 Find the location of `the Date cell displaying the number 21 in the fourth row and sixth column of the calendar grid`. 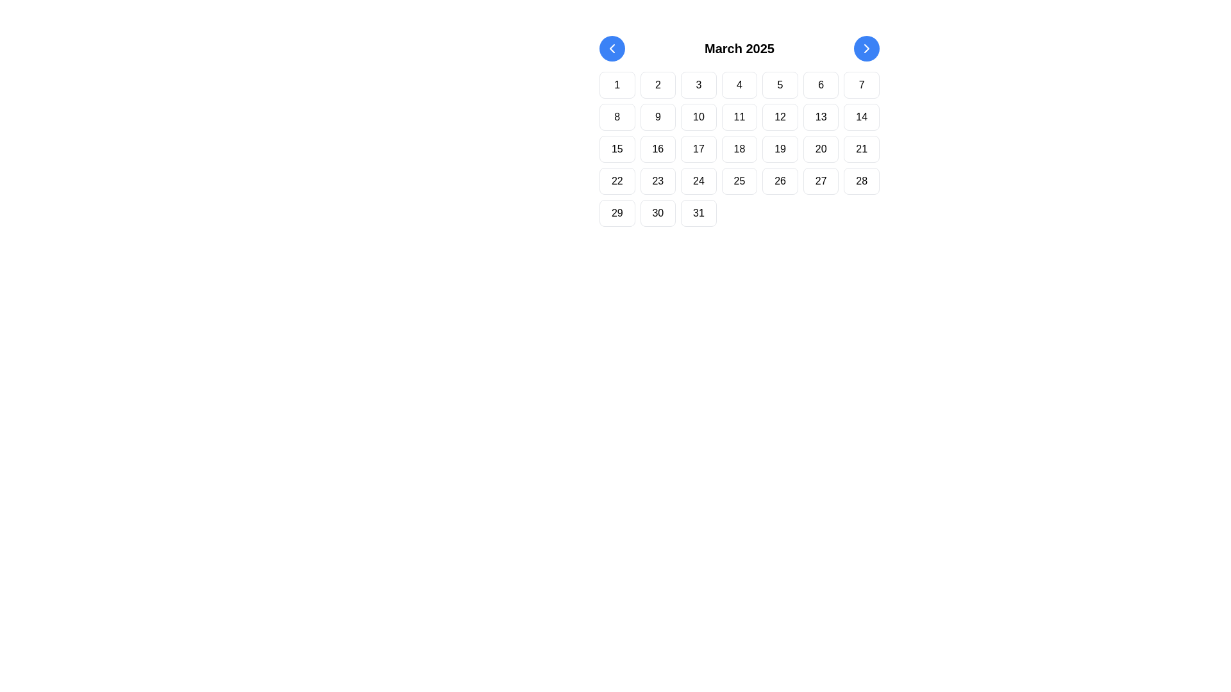

the Date cell displaying the number 21 in the fourth row and sixth column of the calendar grid is located at coordinates (862, 148).